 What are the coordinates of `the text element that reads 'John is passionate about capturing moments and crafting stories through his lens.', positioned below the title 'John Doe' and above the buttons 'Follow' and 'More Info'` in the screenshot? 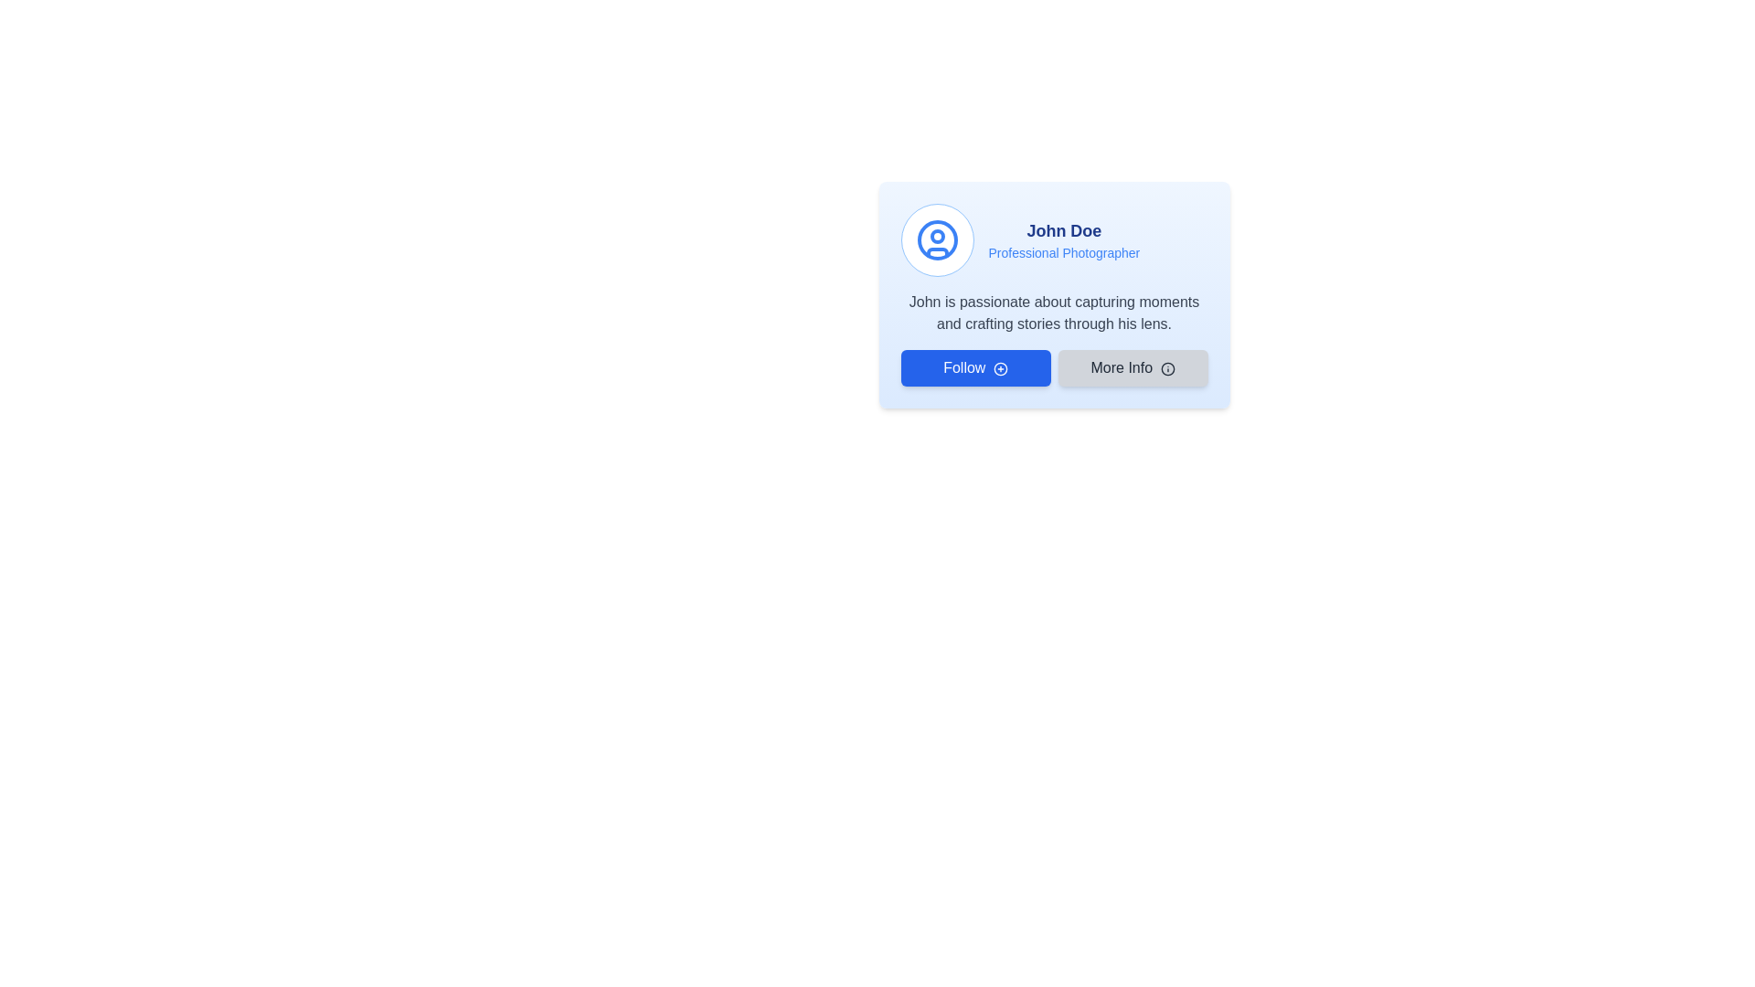 It's located at (1054, 313).